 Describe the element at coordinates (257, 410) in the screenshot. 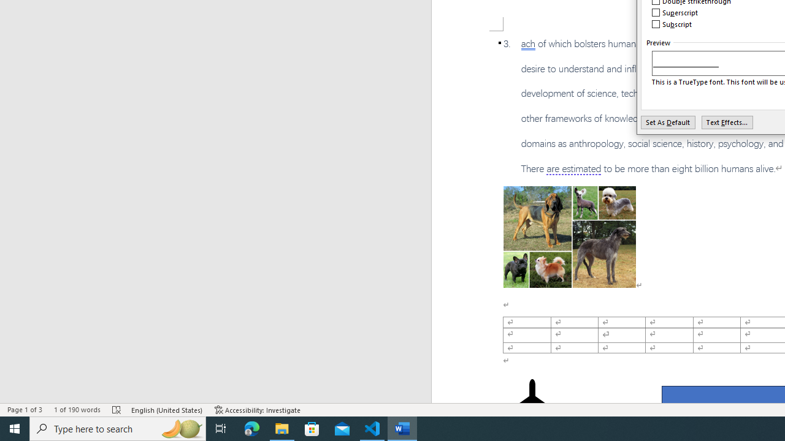

I see `'Accessibility Checker Accessibility: Investigate'` at that location.